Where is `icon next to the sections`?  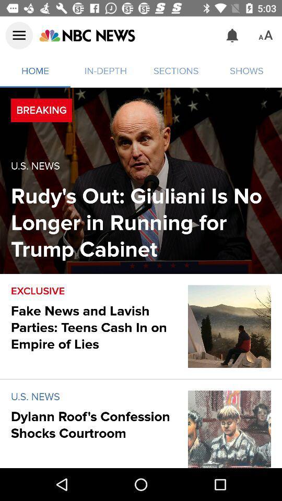
icon next to the sections is located at coordinates (86, 35).